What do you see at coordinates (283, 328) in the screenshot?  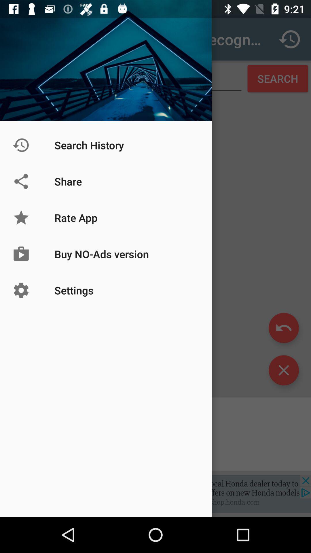 I see `the undo icon` at bounding box center [283, 328].